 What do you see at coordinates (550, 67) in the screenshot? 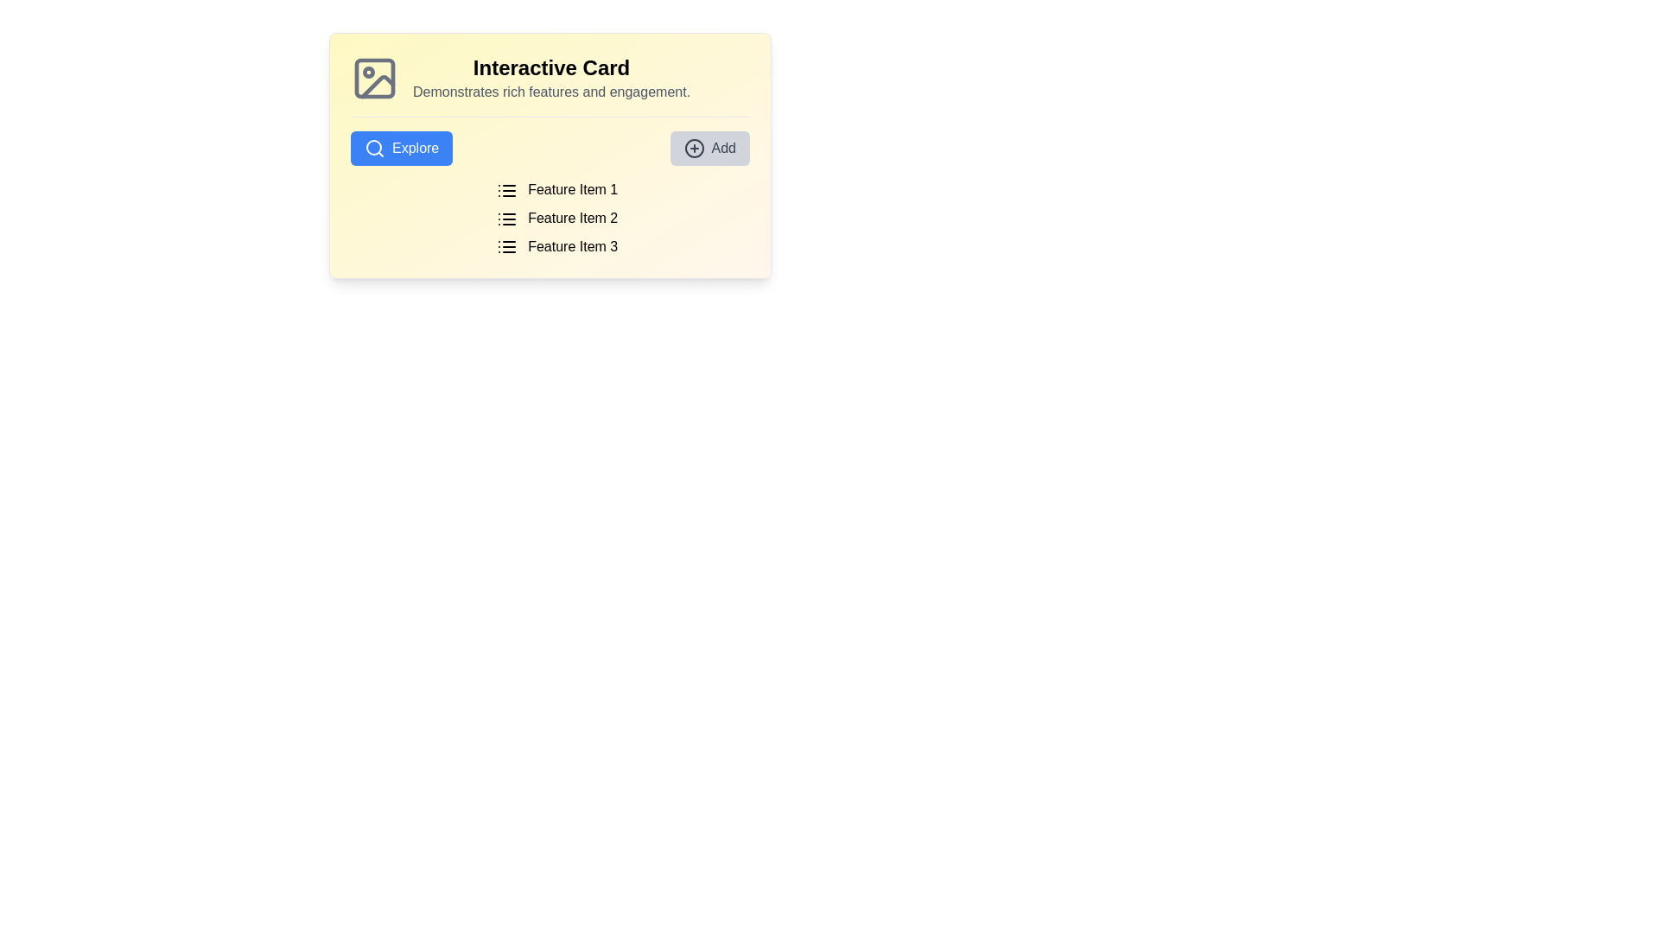
I see `the bold heading element 'Interactive Card' displayed prominently at the top of the card` at bounding box center [550, 67].